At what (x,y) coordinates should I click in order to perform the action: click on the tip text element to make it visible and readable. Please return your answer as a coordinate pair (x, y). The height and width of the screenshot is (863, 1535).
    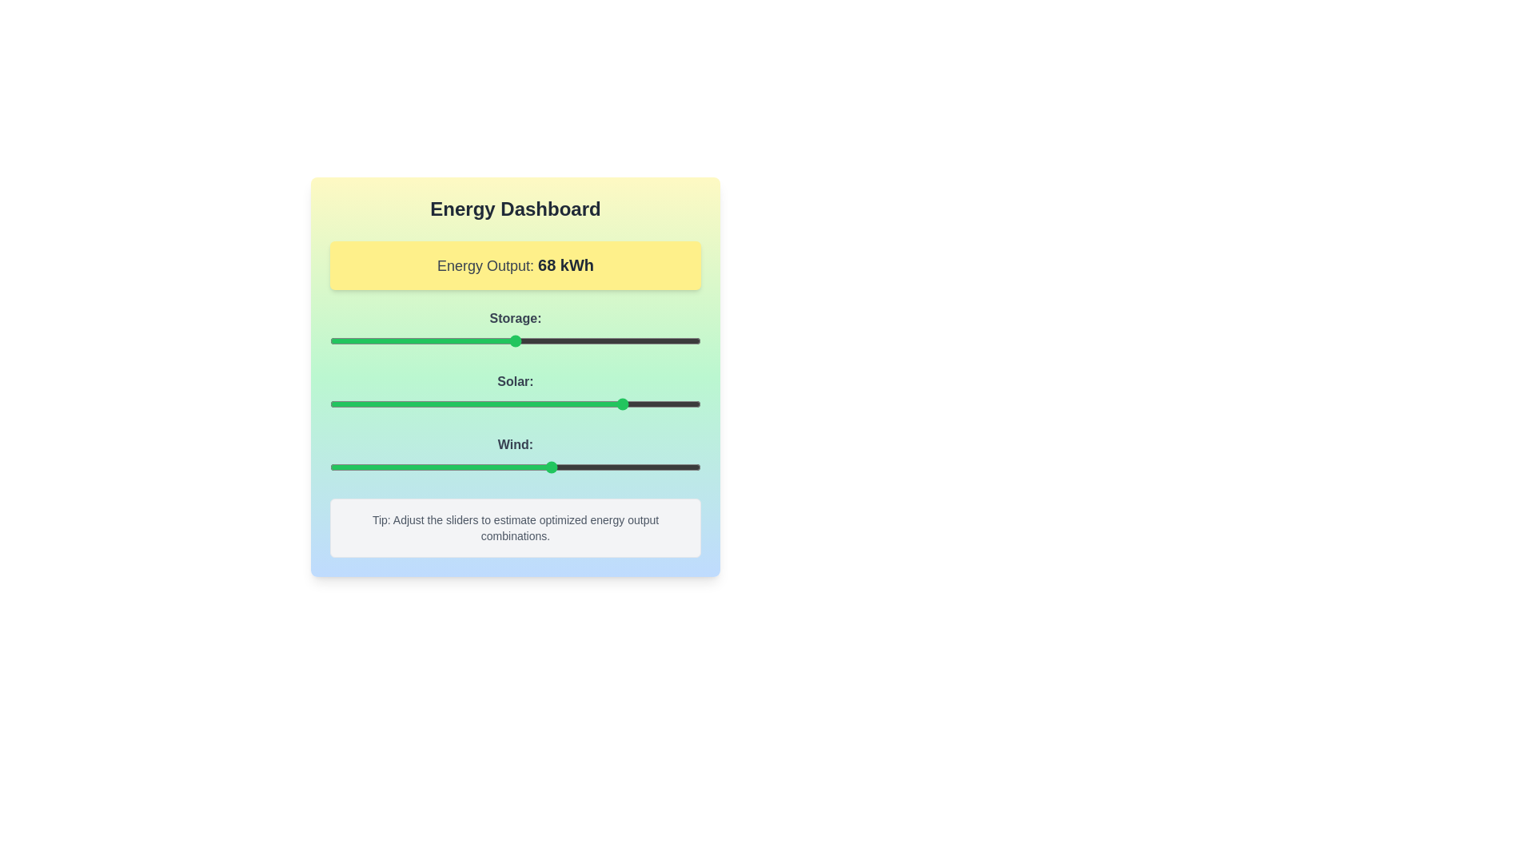
    Looking at the image, I should click on (515, 527).